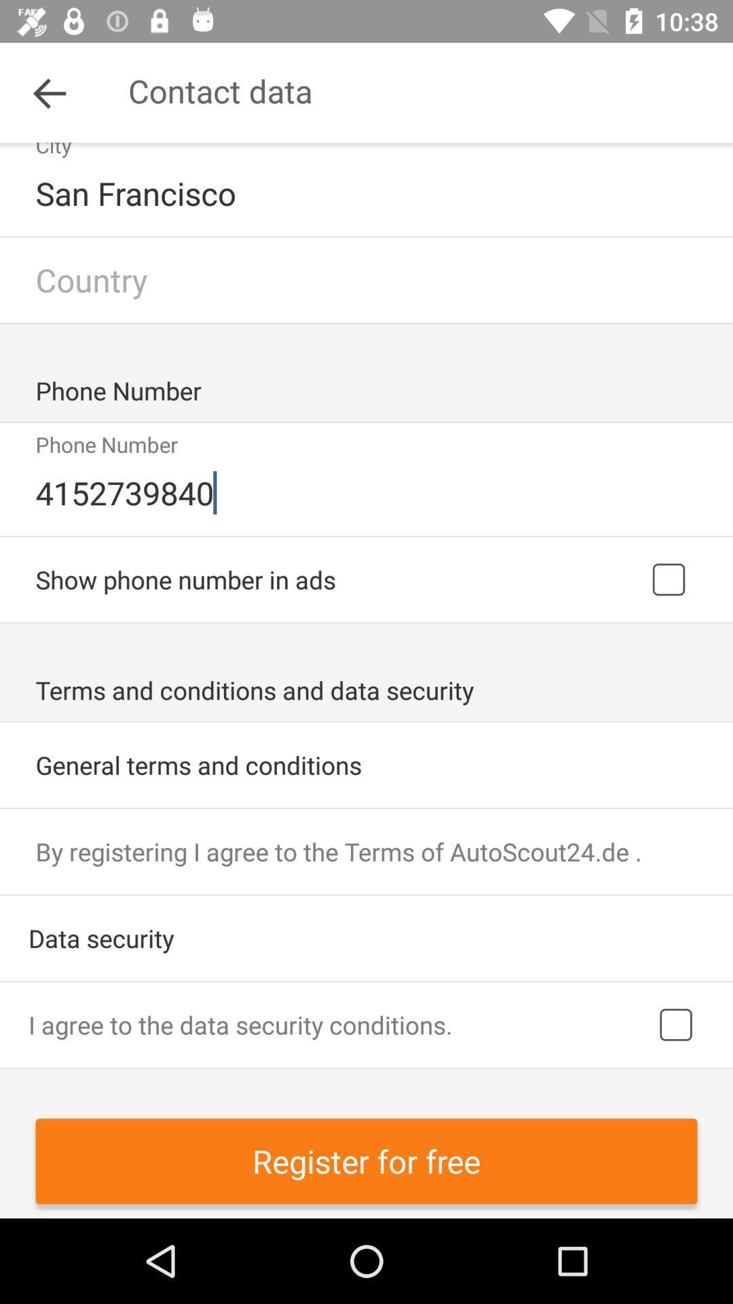 This screenshot has height=1304, width=733. Describe the element at coordinates (368, 492) in the screenshot. I see `the 4152739840 icon` at that location.